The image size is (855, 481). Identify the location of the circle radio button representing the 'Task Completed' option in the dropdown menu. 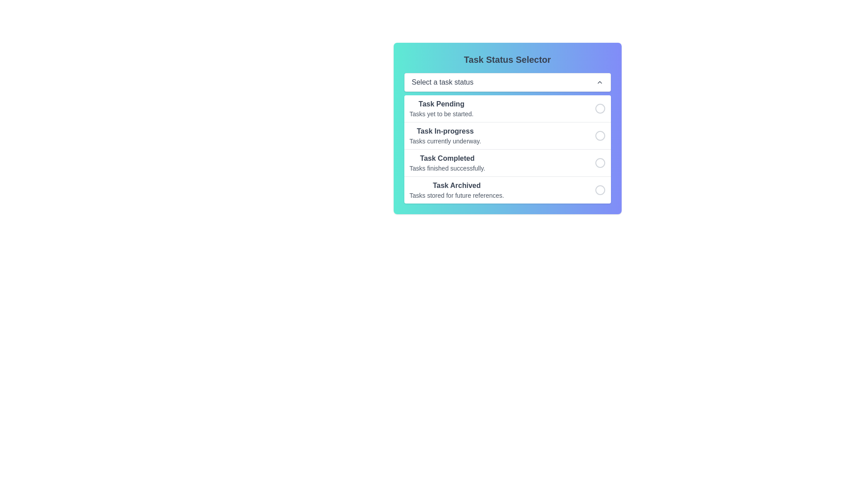
(600, 163).